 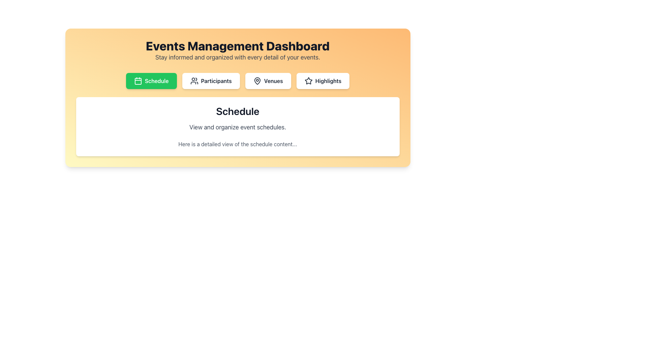 What do you see at coordinates (156, 80) in the screenshot?
I see `the 'Schedule' text label within the green button situated at the top-left corner of the section containing several buttons` at bounding box center [156, 80].